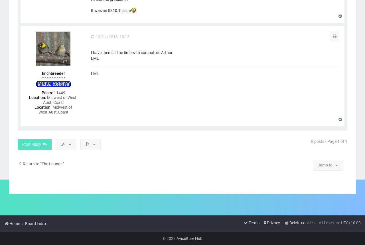  What do you see at coordinates (254, 222) in the screenshot?
I see `'Terms'` at bounding box center [254, 222].